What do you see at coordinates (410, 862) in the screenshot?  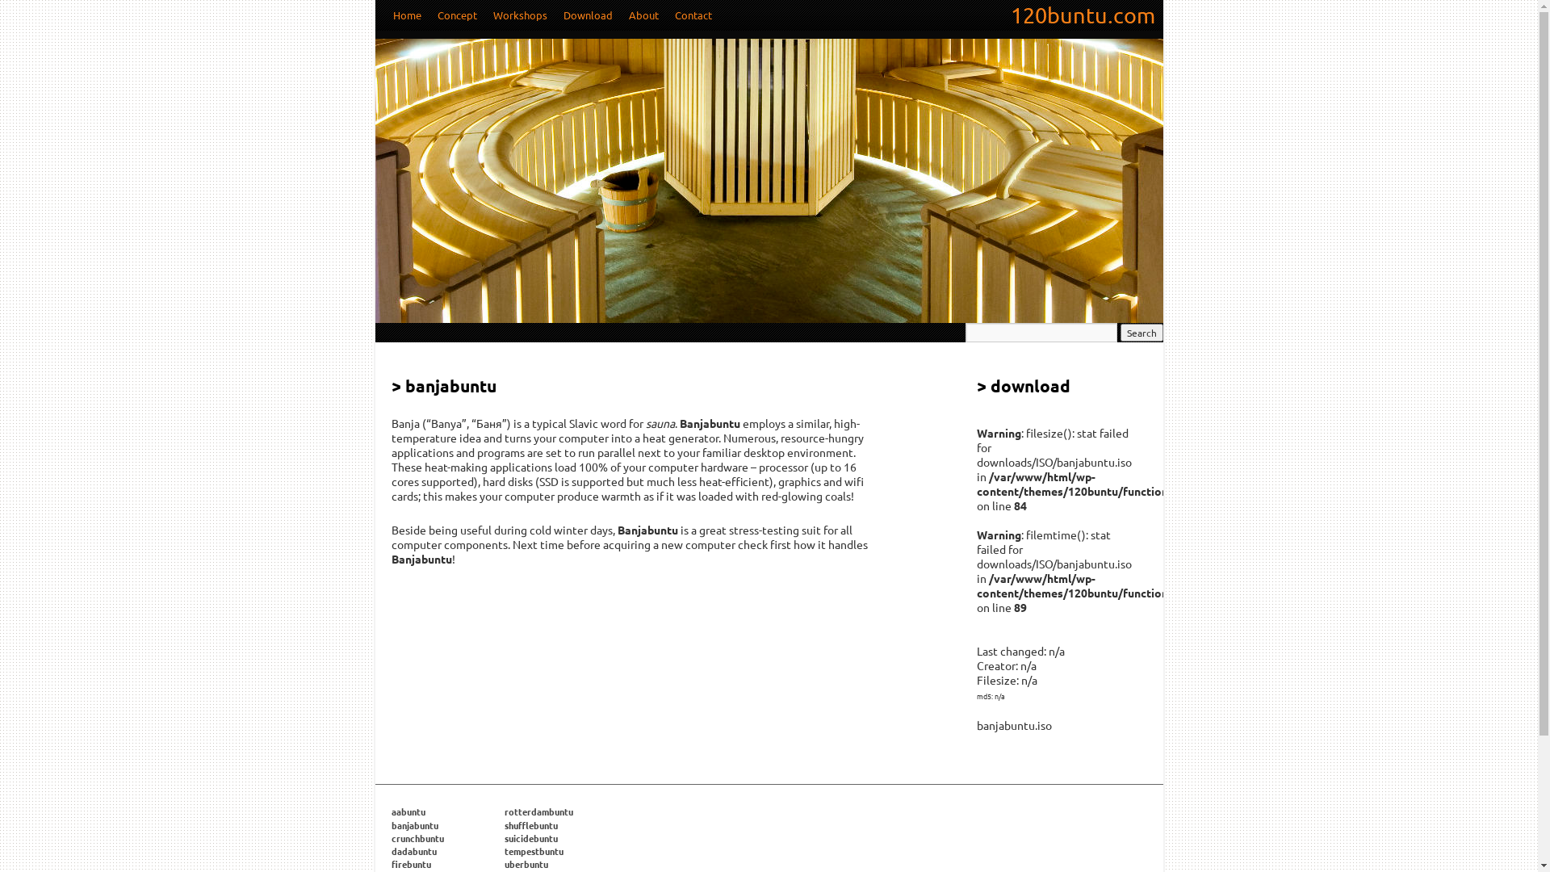 I see `'firebuntu'` at bounding box center [410, 862].